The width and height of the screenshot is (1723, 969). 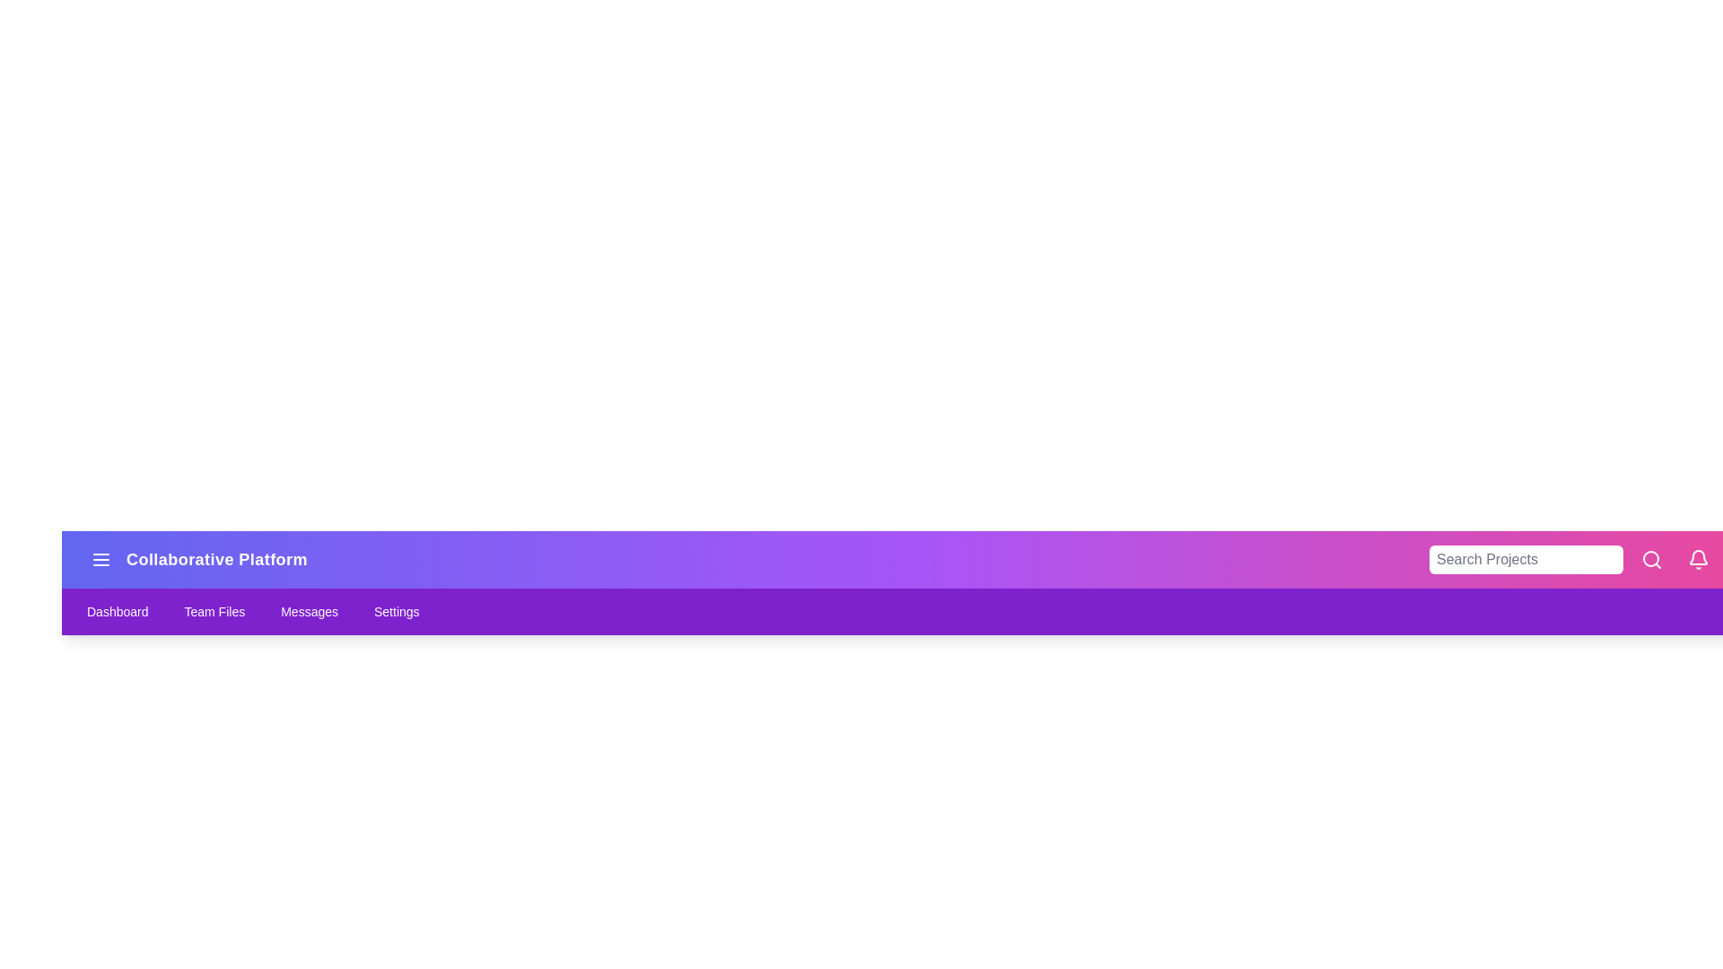 I want to click on the Navigation link located in the bottom horizontal navigation bar, which is the third item between 'Team Files' and 'Settings', so click(x=310, y=611).